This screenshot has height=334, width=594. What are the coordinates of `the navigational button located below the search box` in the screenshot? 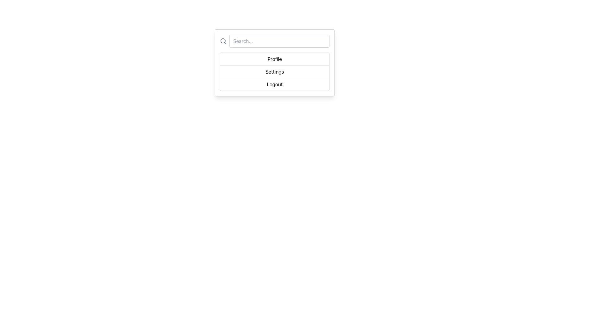 It's located at (274, 59).